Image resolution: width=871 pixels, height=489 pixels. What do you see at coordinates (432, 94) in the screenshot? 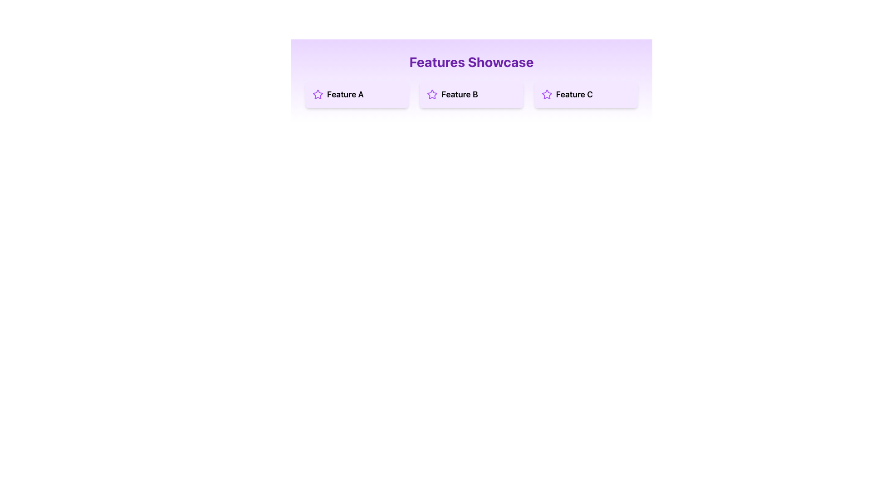
I see `the SVG Icon representing favoriting in the middle of the Feature B card in the Features Showcase section` at bounding box center [432, 94].